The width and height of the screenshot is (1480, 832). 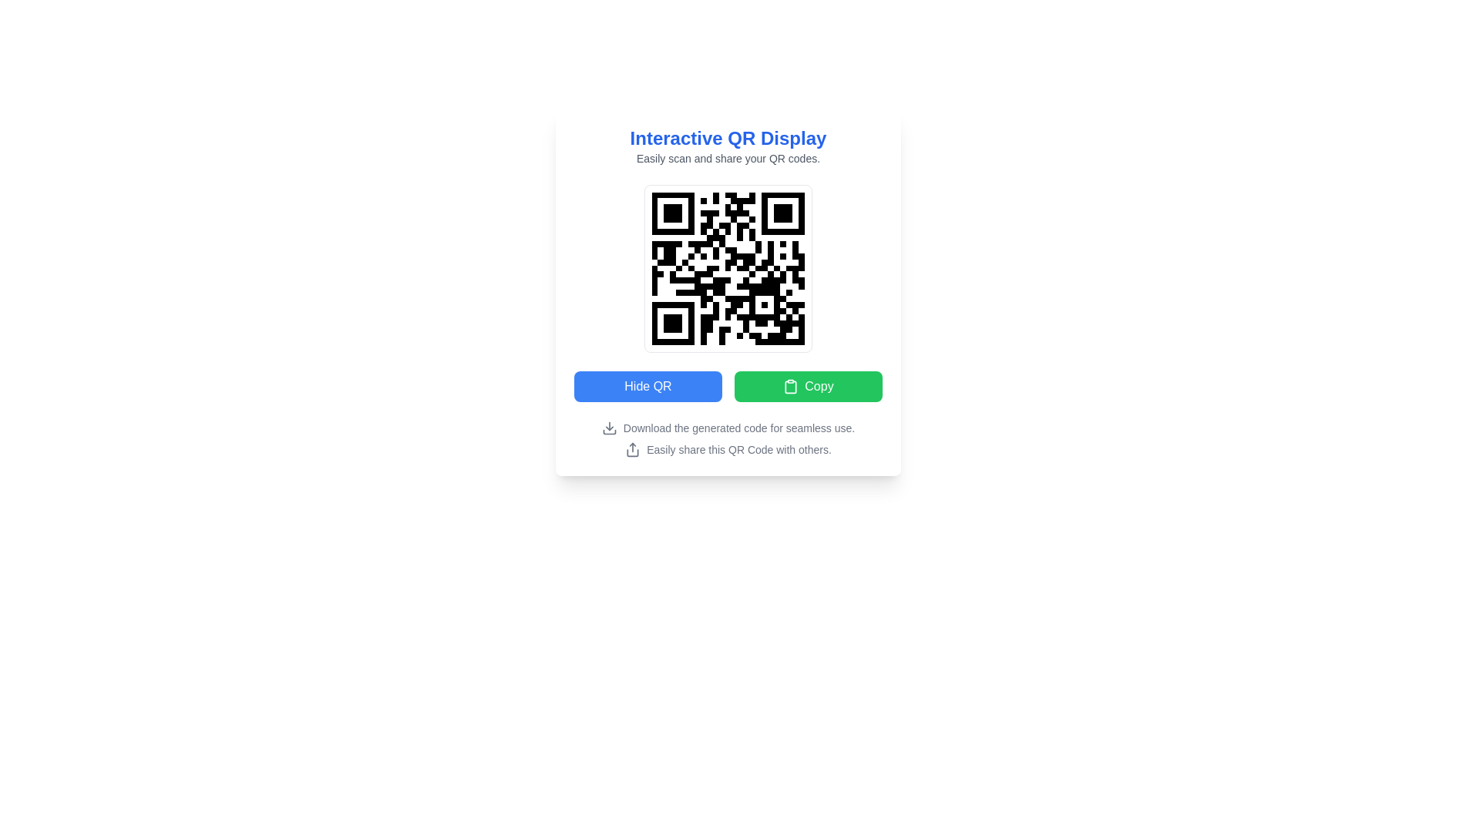 I want to click on the QR code image displayed below the heading 'Interactive QR Display', so click(x=728, y=267).